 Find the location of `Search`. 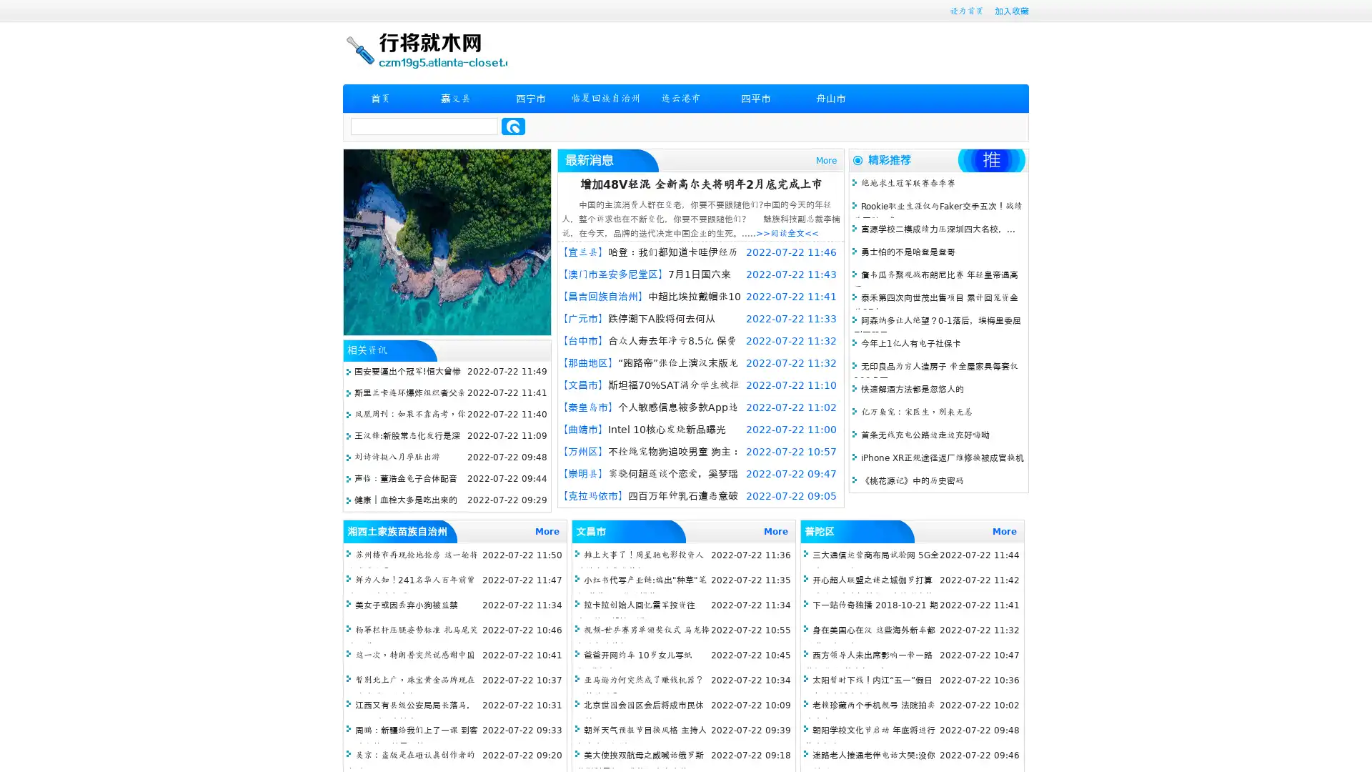

Search is located at coordinates (513, 126).